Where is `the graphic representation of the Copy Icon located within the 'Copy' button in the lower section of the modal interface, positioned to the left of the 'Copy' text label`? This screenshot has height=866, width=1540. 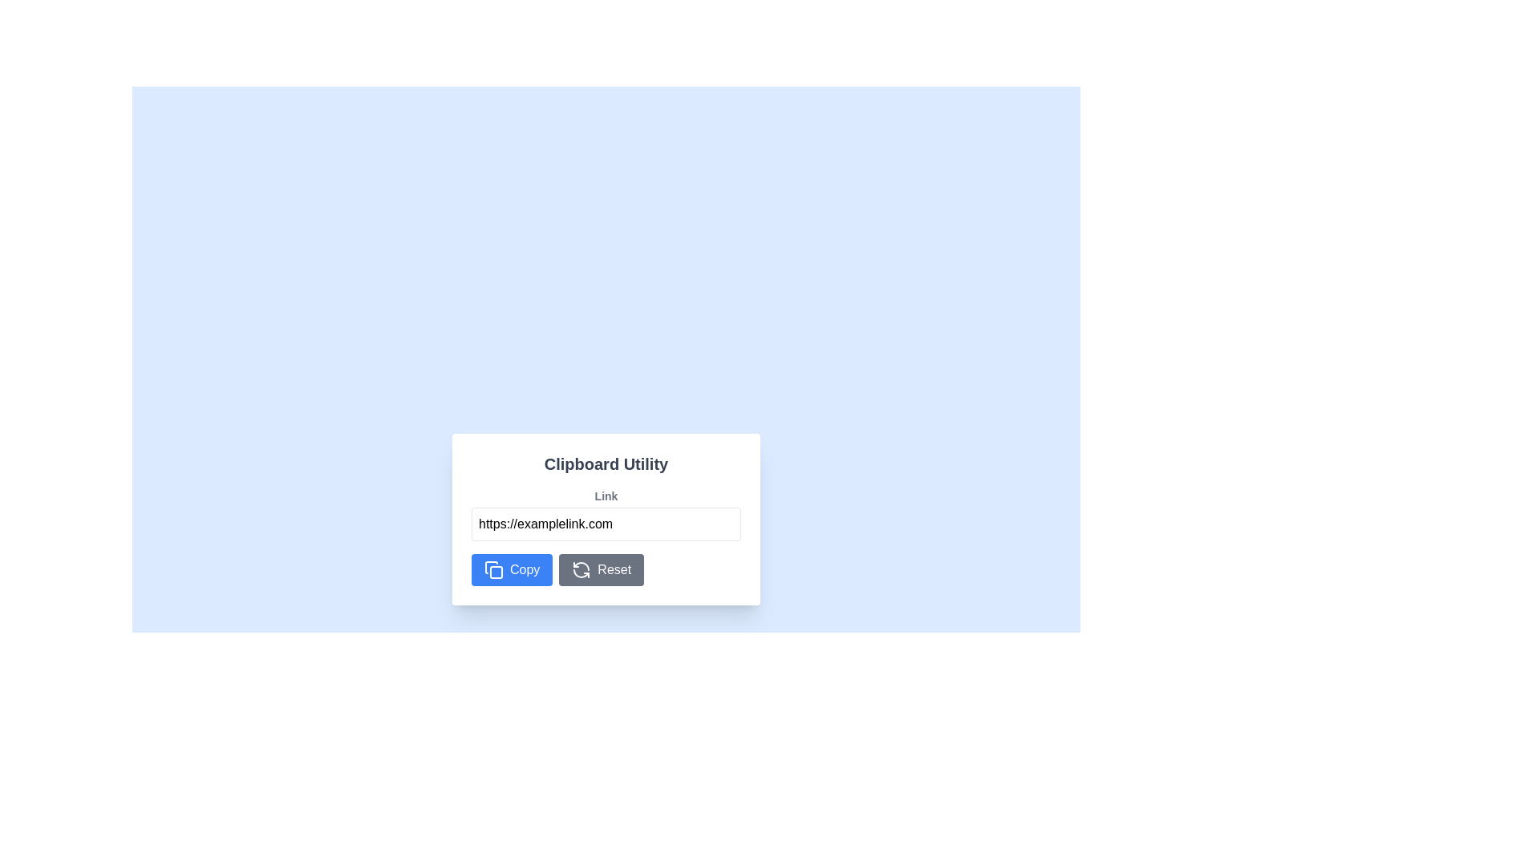 the graphic representation of the Copy Icon located within the 'Copy' button in the lower section of the modal interface, positioned to the left of the 'Copy' text label is located at coordinates (491, 567).